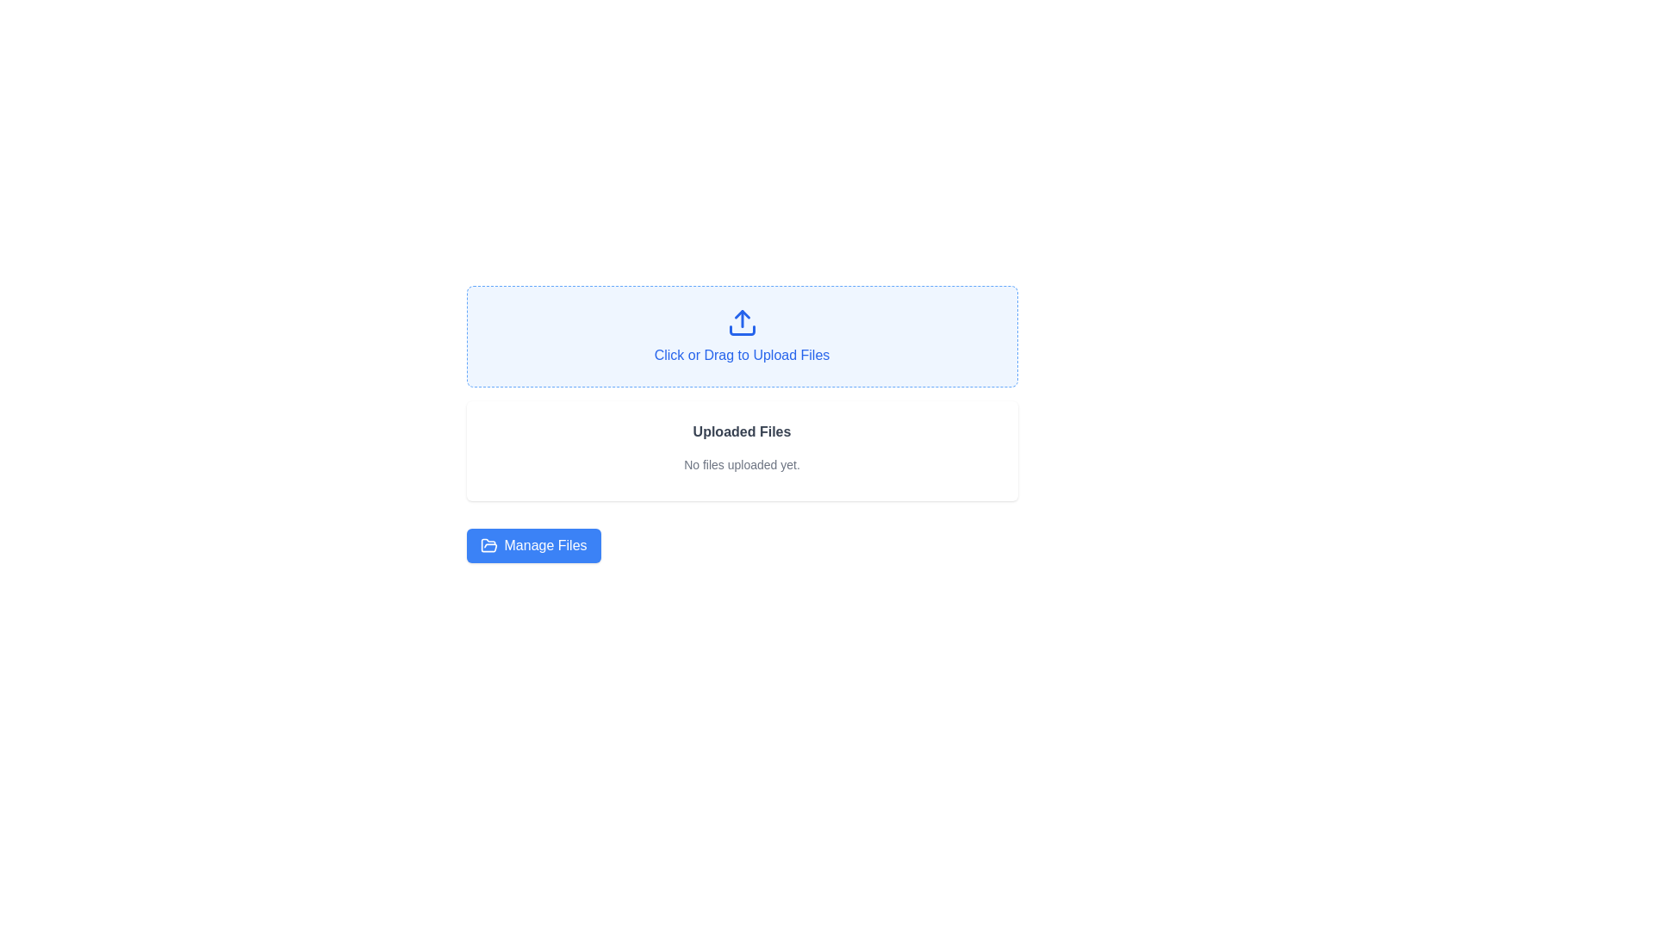 This screenshot has width=1654, height=930. I want to click on the 'Manage Files' button, which is visually represented by an open folder icon on its left side, so click(488, 545).